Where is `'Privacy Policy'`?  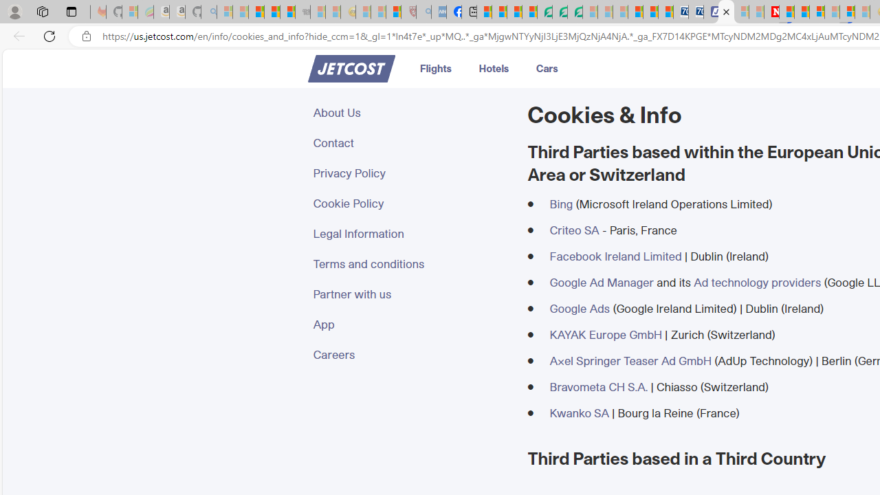 'Privacy Policy' is located at coordinates (411, 172).